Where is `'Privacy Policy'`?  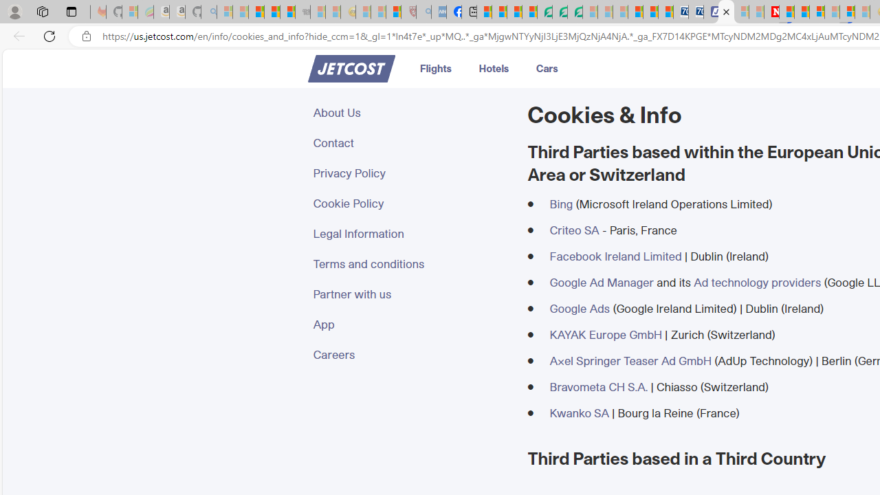 'Privacy Policy' is located at coordinates (411, 172).